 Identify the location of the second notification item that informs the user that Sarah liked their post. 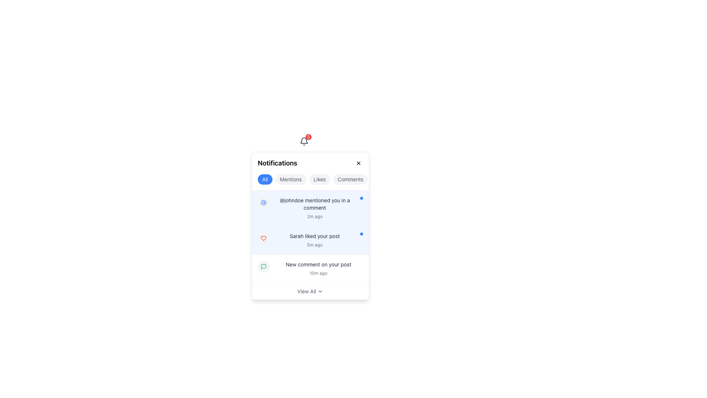
(310, 240).